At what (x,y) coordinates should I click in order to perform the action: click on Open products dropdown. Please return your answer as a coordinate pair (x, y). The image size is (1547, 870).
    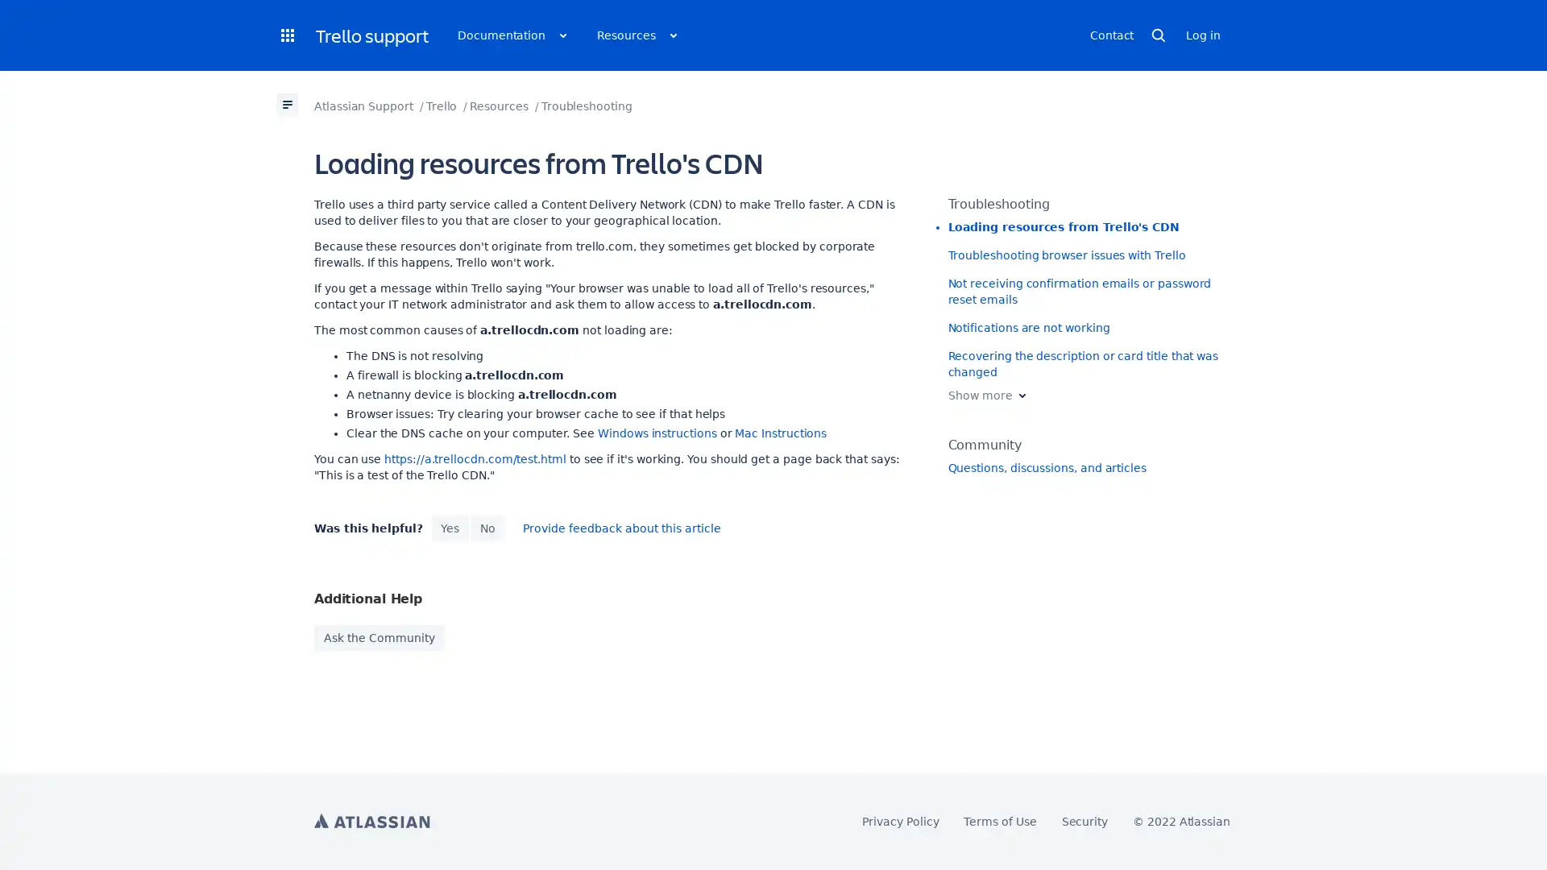
    Looking at the image, I should click on (287, 35).